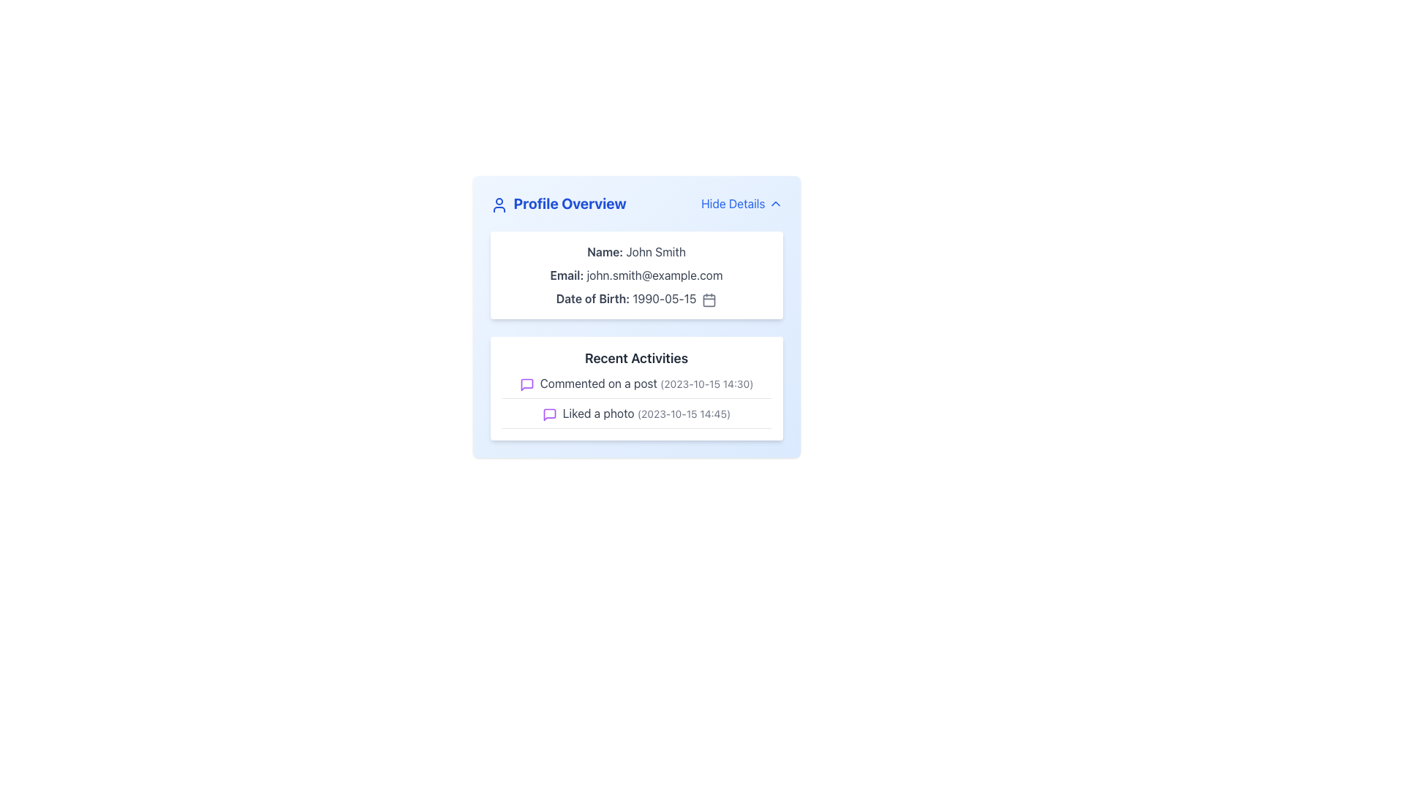  Describe the element at coordinates (636, 416) in the screenshot. I see `the activity log item indicating that the user liked a photo, which is the second item in the 'Recent Activities' list` at that location.